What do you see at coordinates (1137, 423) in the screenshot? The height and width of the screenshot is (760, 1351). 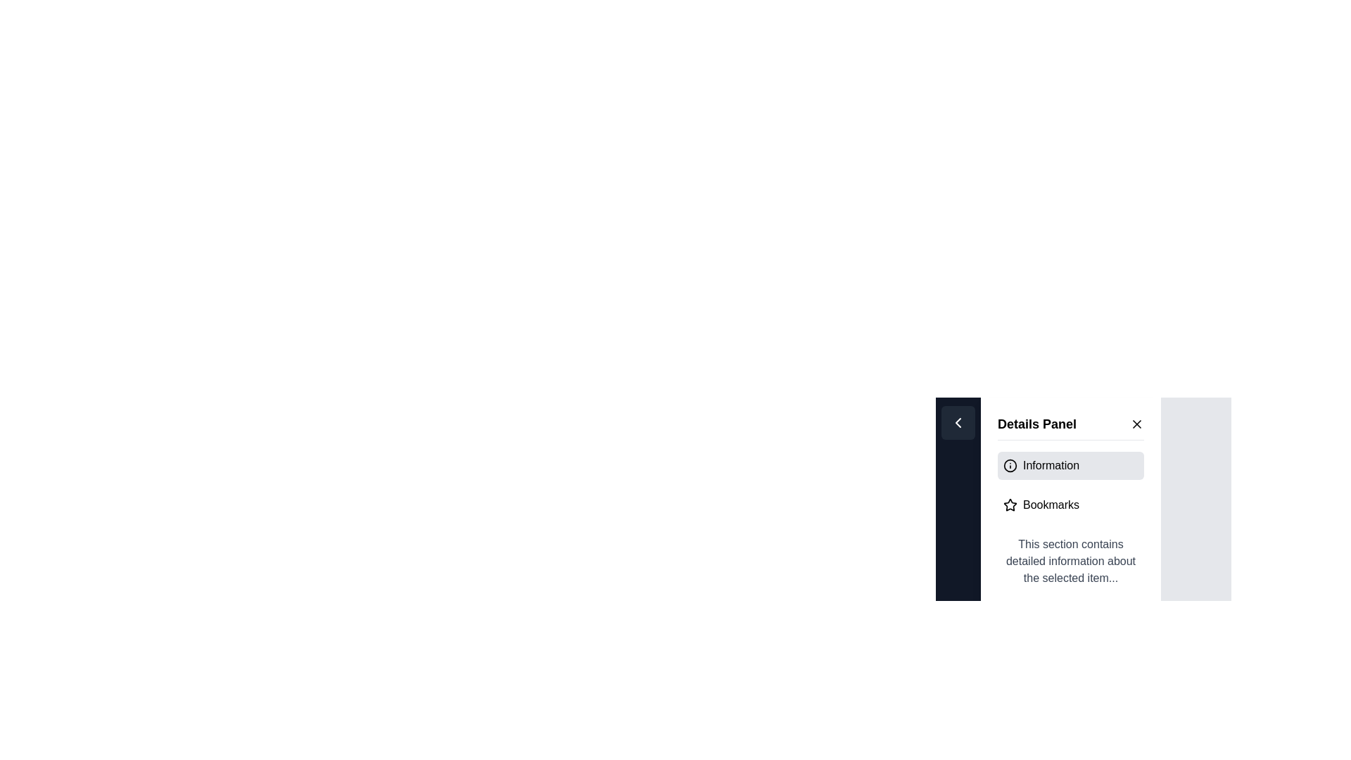 I see `the close button located at the top-right corner of the 'Details Panel'` at bounding box center [1137, 423].